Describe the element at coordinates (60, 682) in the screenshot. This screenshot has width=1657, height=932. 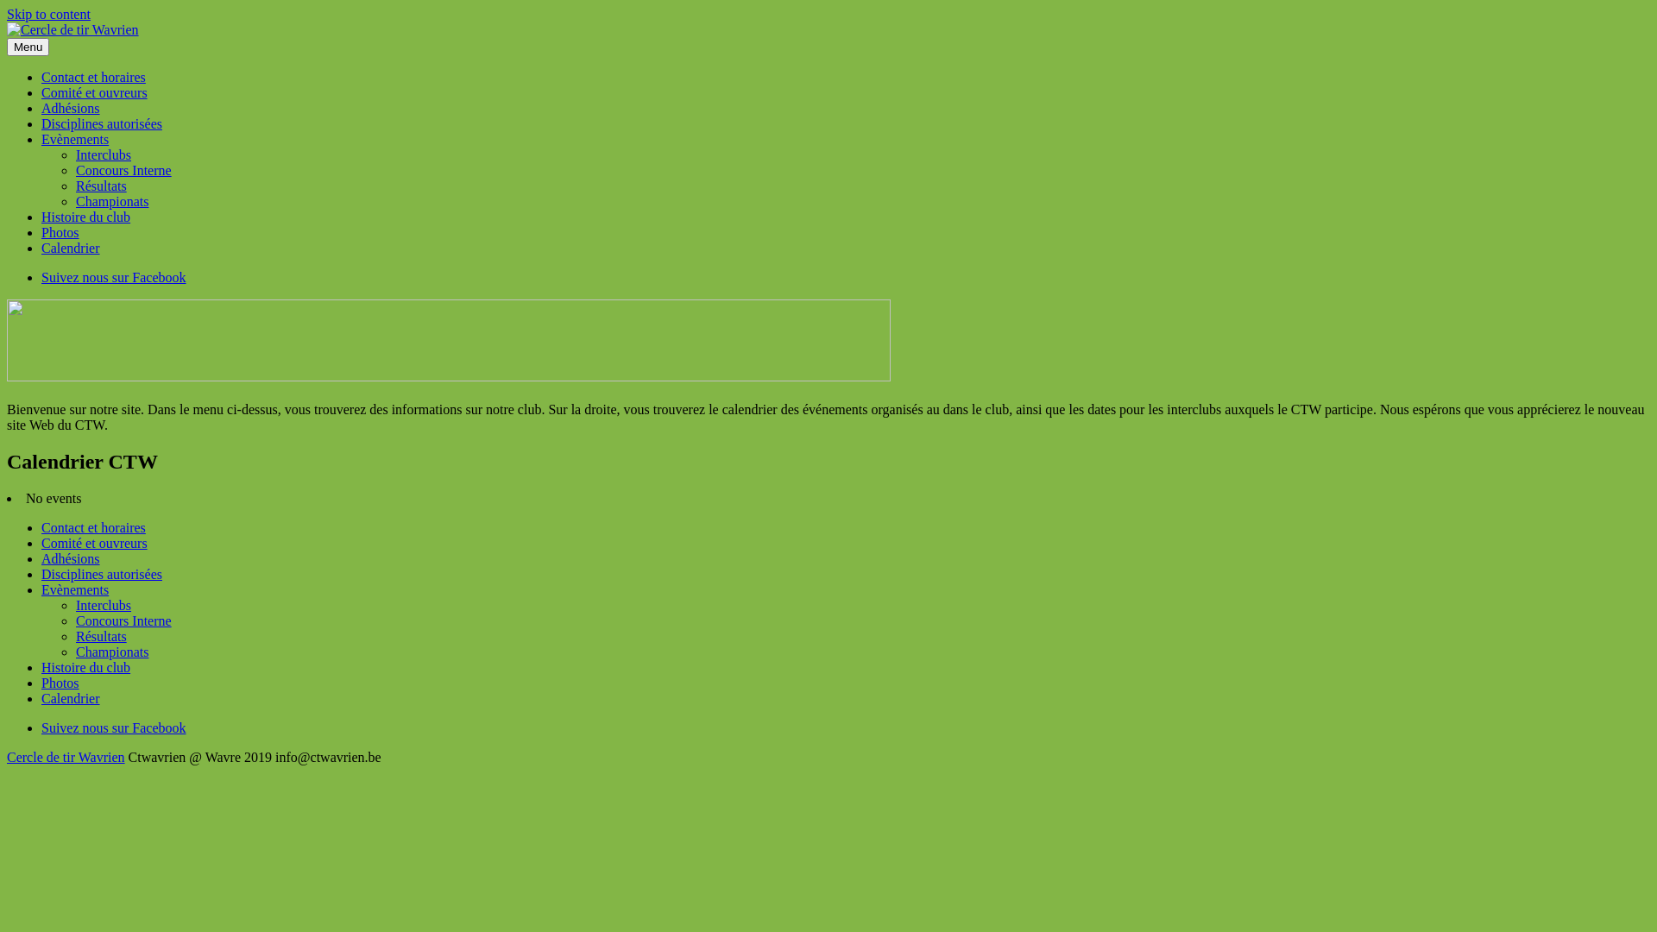
I see `'Photos'` at that location.